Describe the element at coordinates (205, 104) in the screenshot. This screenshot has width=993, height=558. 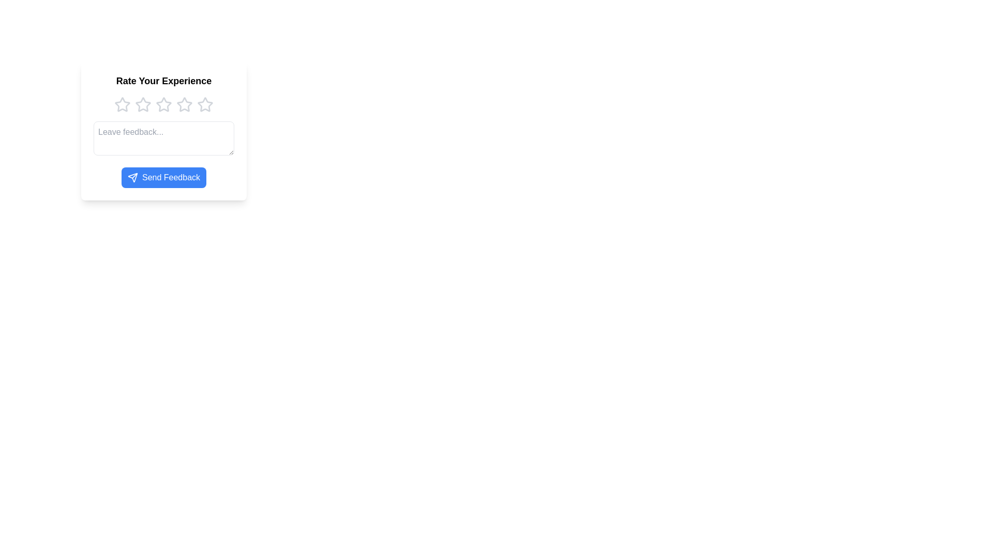
I see `the fifth star-shaped icon in the rating widget` at that location.